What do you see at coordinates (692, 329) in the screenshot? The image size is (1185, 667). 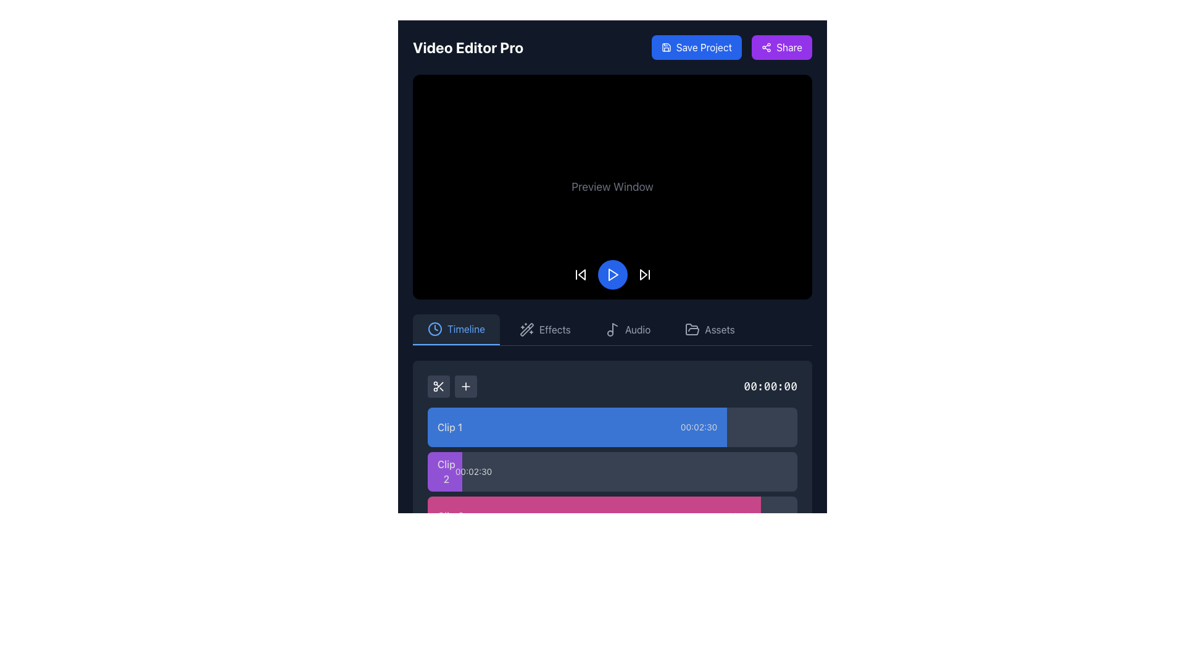 I see `the open folder icon located in the toolbar on the right-hand side of the interface` at bounding box center [692, 329].